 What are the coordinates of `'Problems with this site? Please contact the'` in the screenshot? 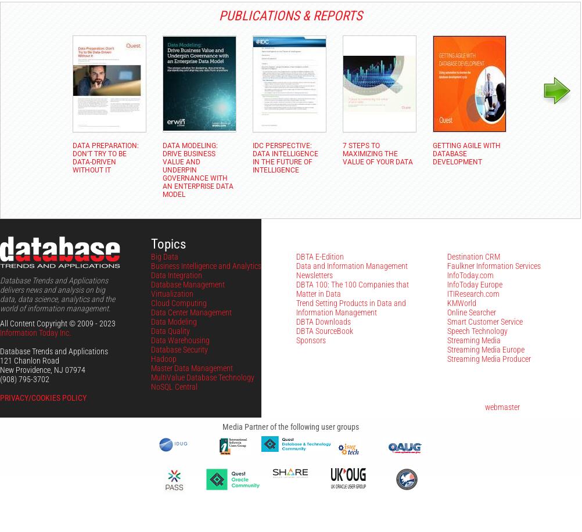 It's located at (416, 407).